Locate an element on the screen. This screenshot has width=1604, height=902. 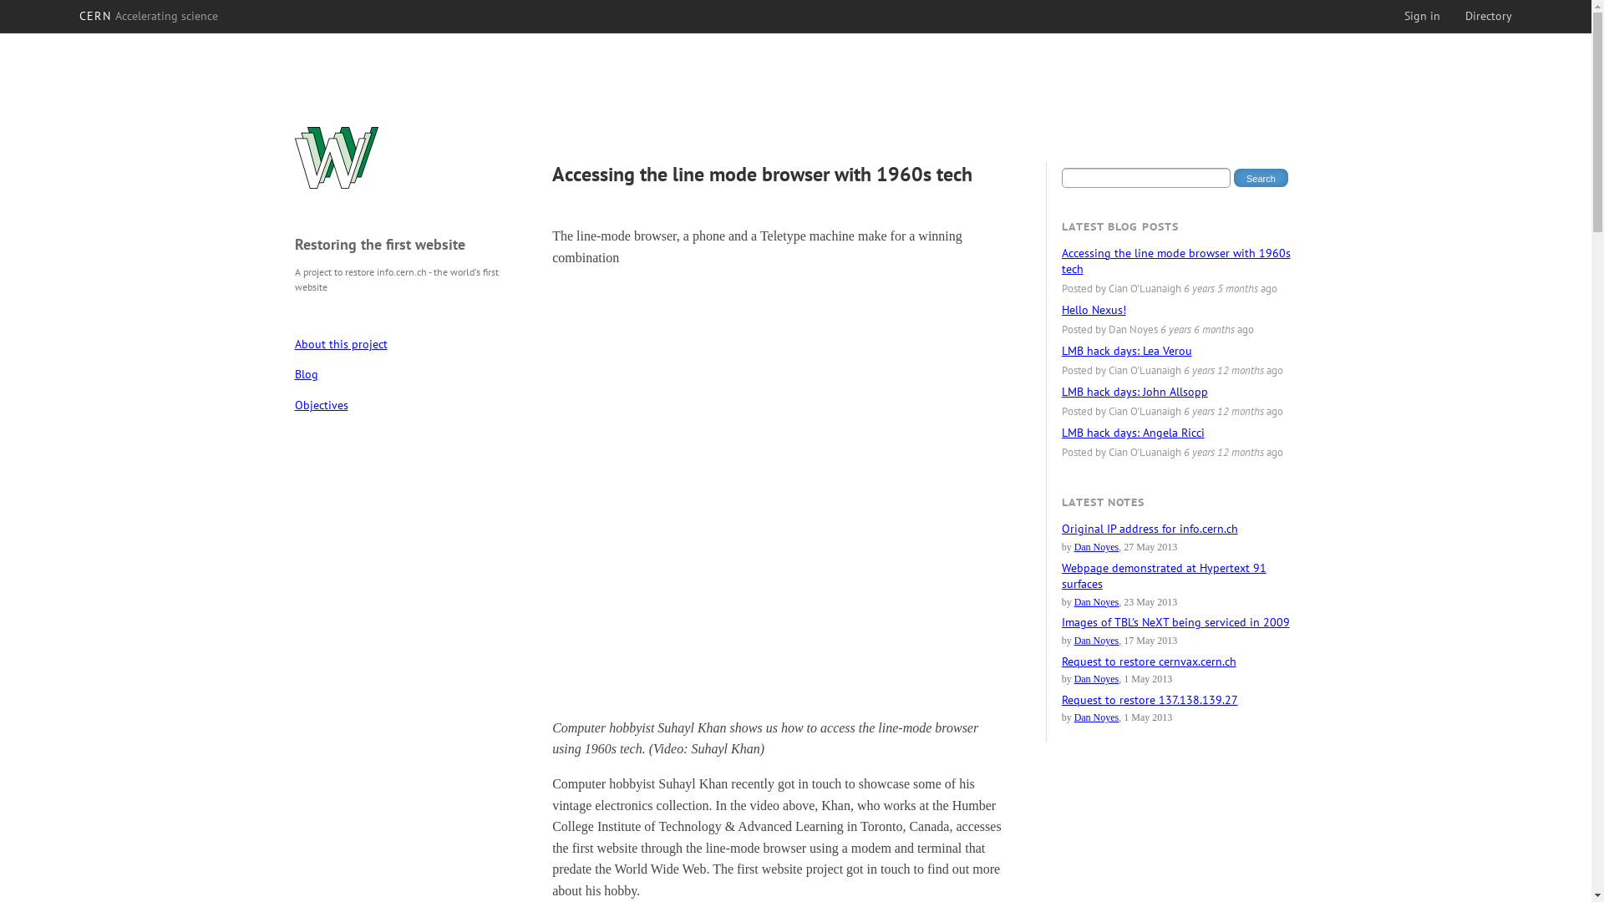
'Webpage demonstrated at Hypertext 91 surfaces' is located at coordinates (1163, 575).